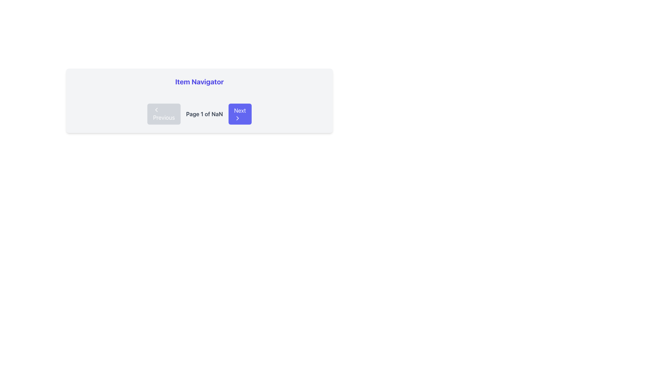 The height and width of the screenshot is (378, 672). What do you see at coordinates (237, 118) in the screenshot?
I see `the SVG icon within the 'Next' button located in the lower right portion of the control panel to signify navigation forward` at bounding box center [237, 118].